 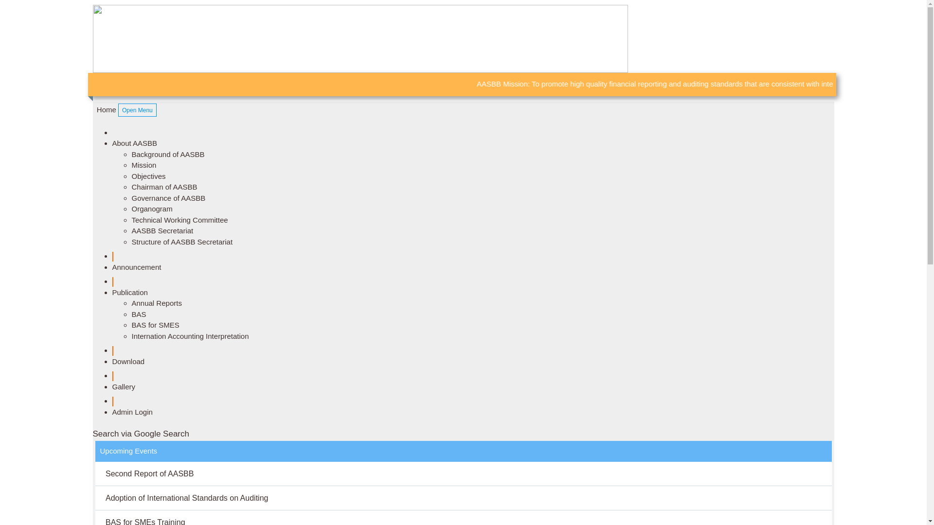 What do you see at coordinates (92, 433) in the screenshot?
I see `'Search via Google Search  '` at bounding box center [92, 433].